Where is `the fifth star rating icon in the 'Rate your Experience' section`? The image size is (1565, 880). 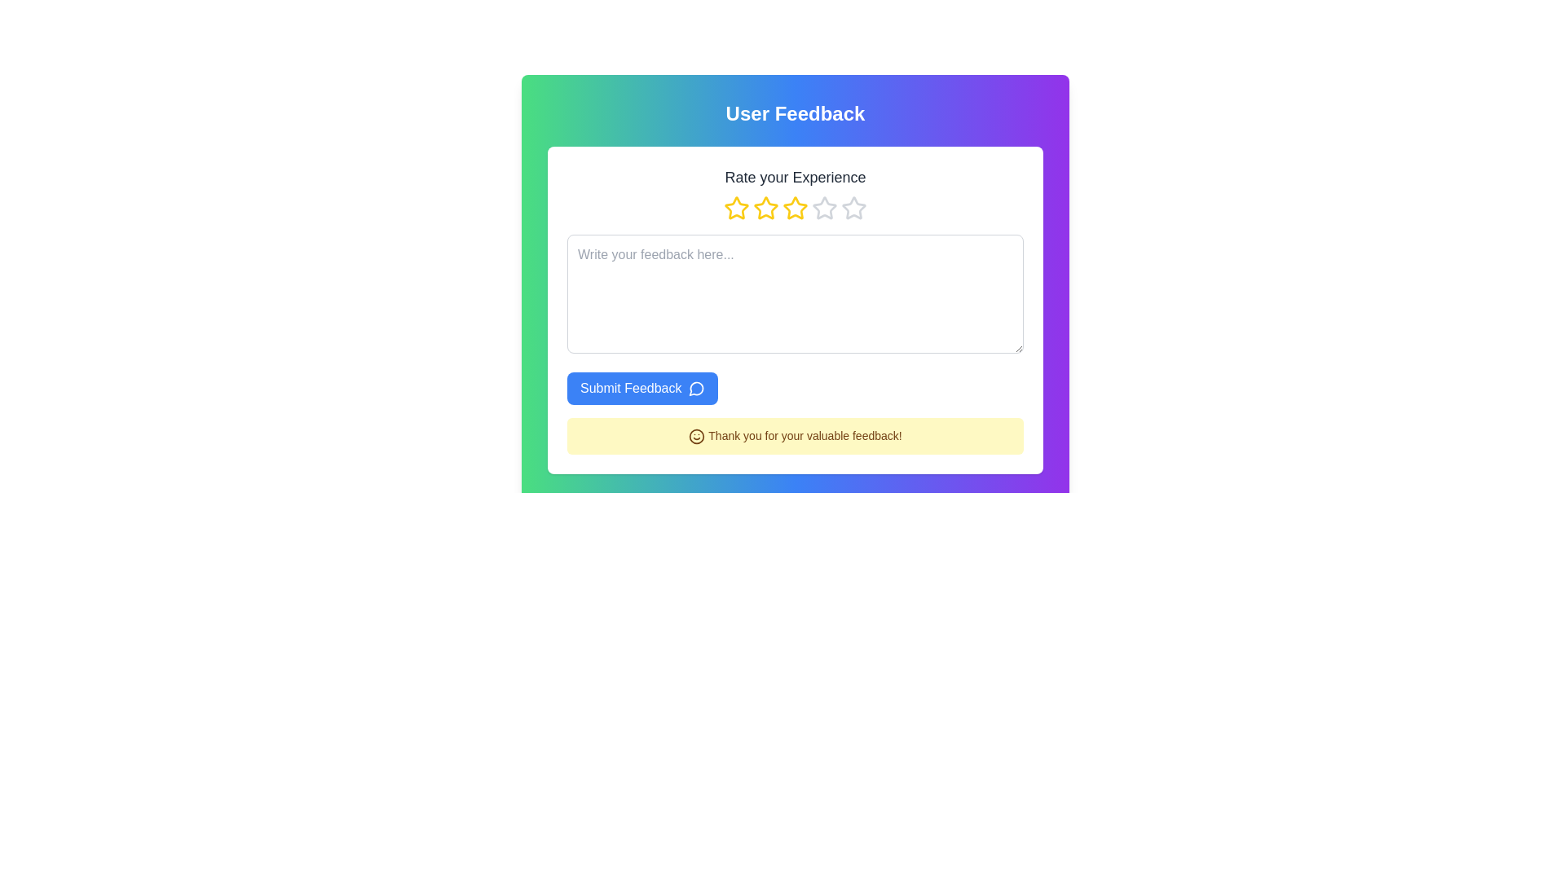
the fifth star rating icon in the 'Rate your Experience' section is located at coordinates (853, 207).